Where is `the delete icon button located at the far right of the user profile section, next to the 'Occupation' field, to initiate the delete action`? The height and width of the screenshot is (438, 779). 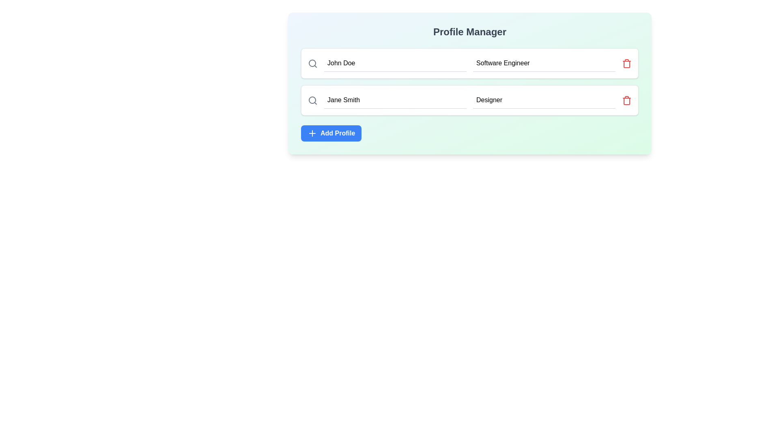 the delete icon button located at the far right of the user profile section, next to the 'Occupation' field, to initiate the delete action is located at coordinates (626, 63).